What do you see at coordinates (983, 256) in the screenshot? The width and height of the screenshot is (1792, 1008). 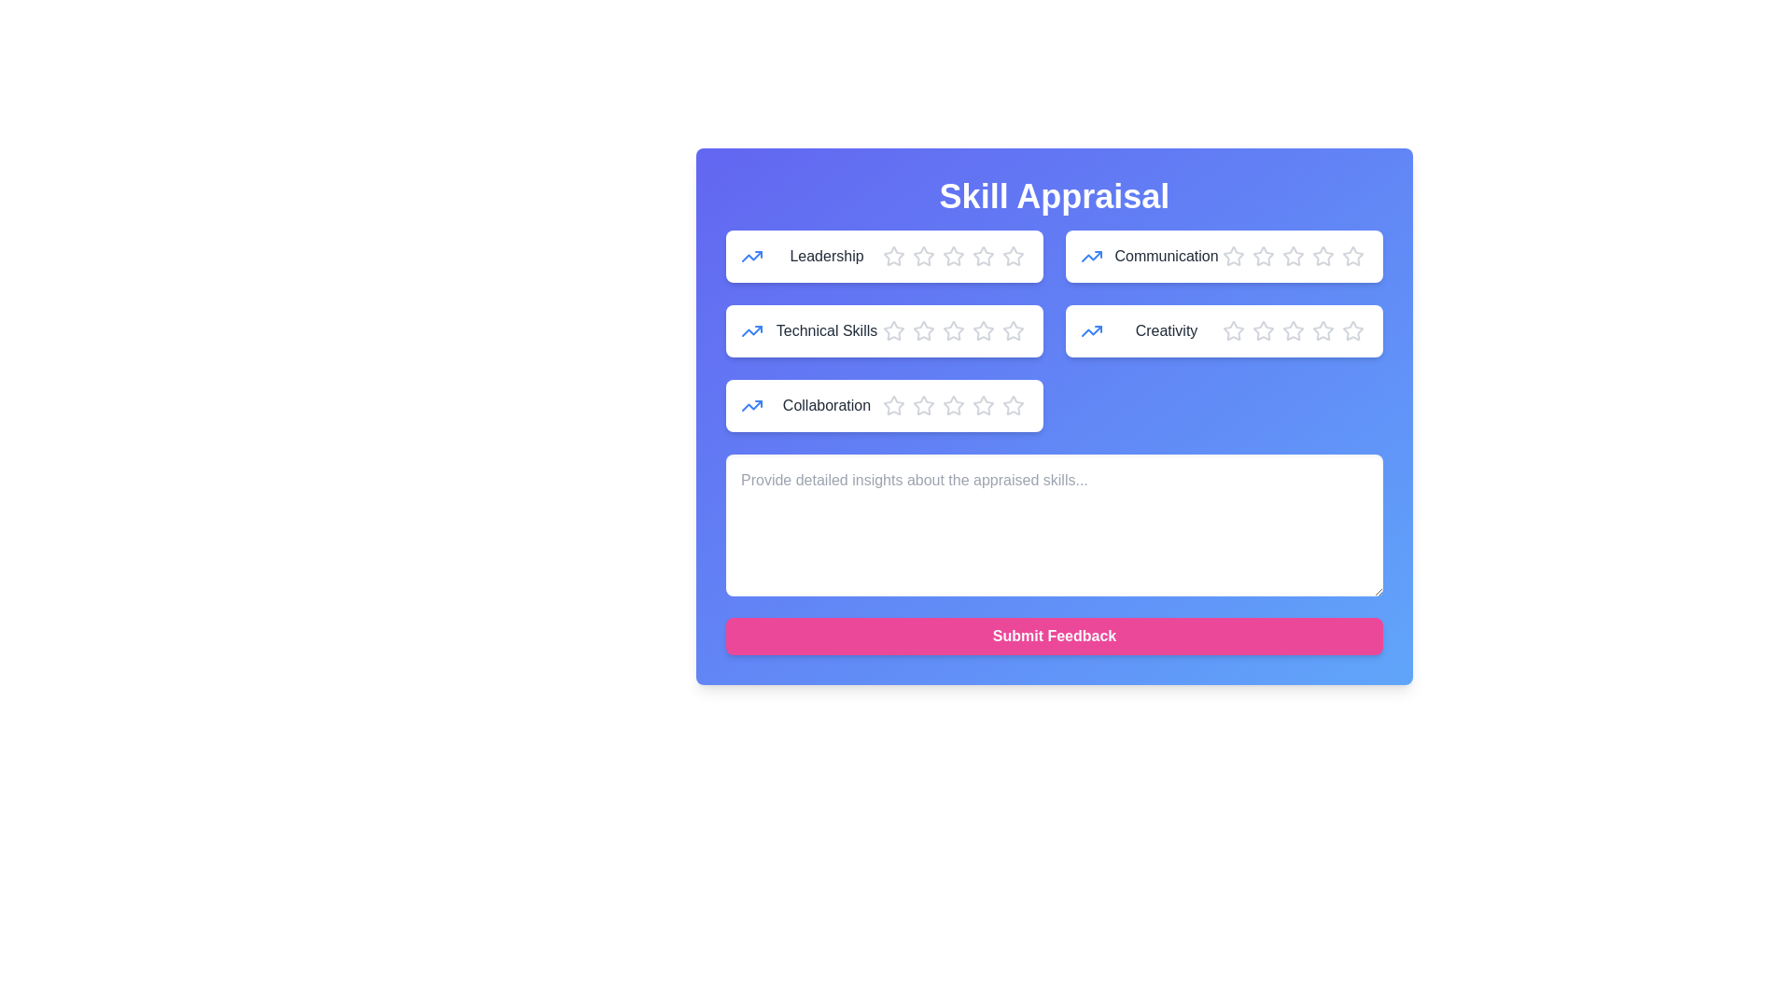 I see `the star corresponding to 4 stars to preview the rating` at bounding box center [983, 256].